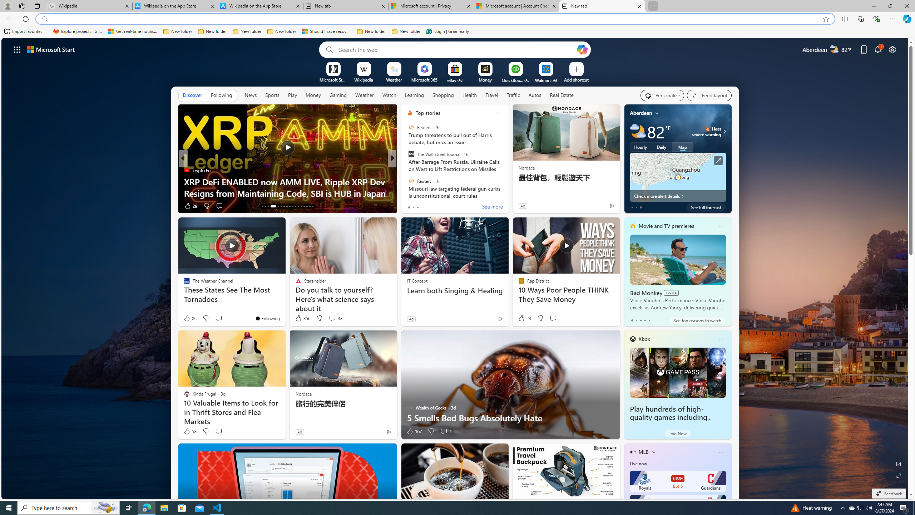 The height and width of the screenshot is (515, 915). What do you see at coordinates (406, 170) in the screenshot?
I see `'HowToGeek'` at bounding box center [406, 170].